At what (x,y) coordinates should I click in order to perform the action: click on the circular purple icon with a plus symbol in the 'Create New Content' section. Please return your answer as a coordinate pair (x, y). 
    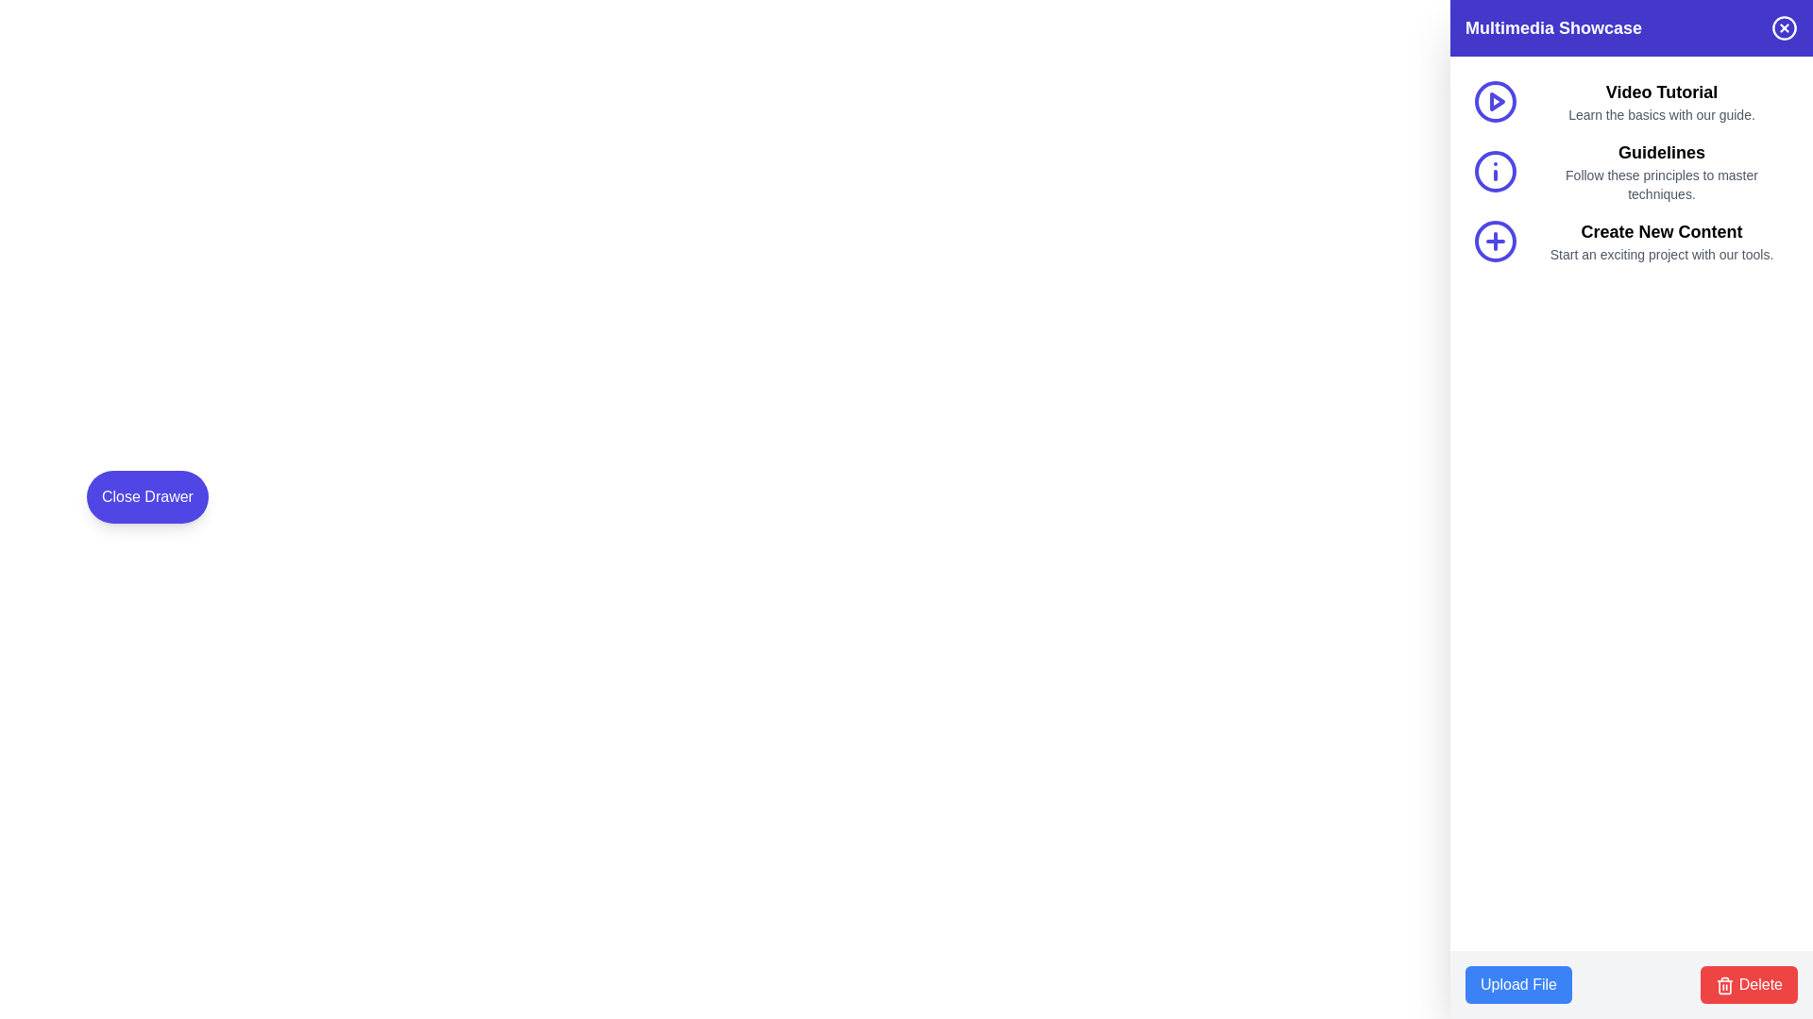
    Looking at the image, I should click on (1495, 240).